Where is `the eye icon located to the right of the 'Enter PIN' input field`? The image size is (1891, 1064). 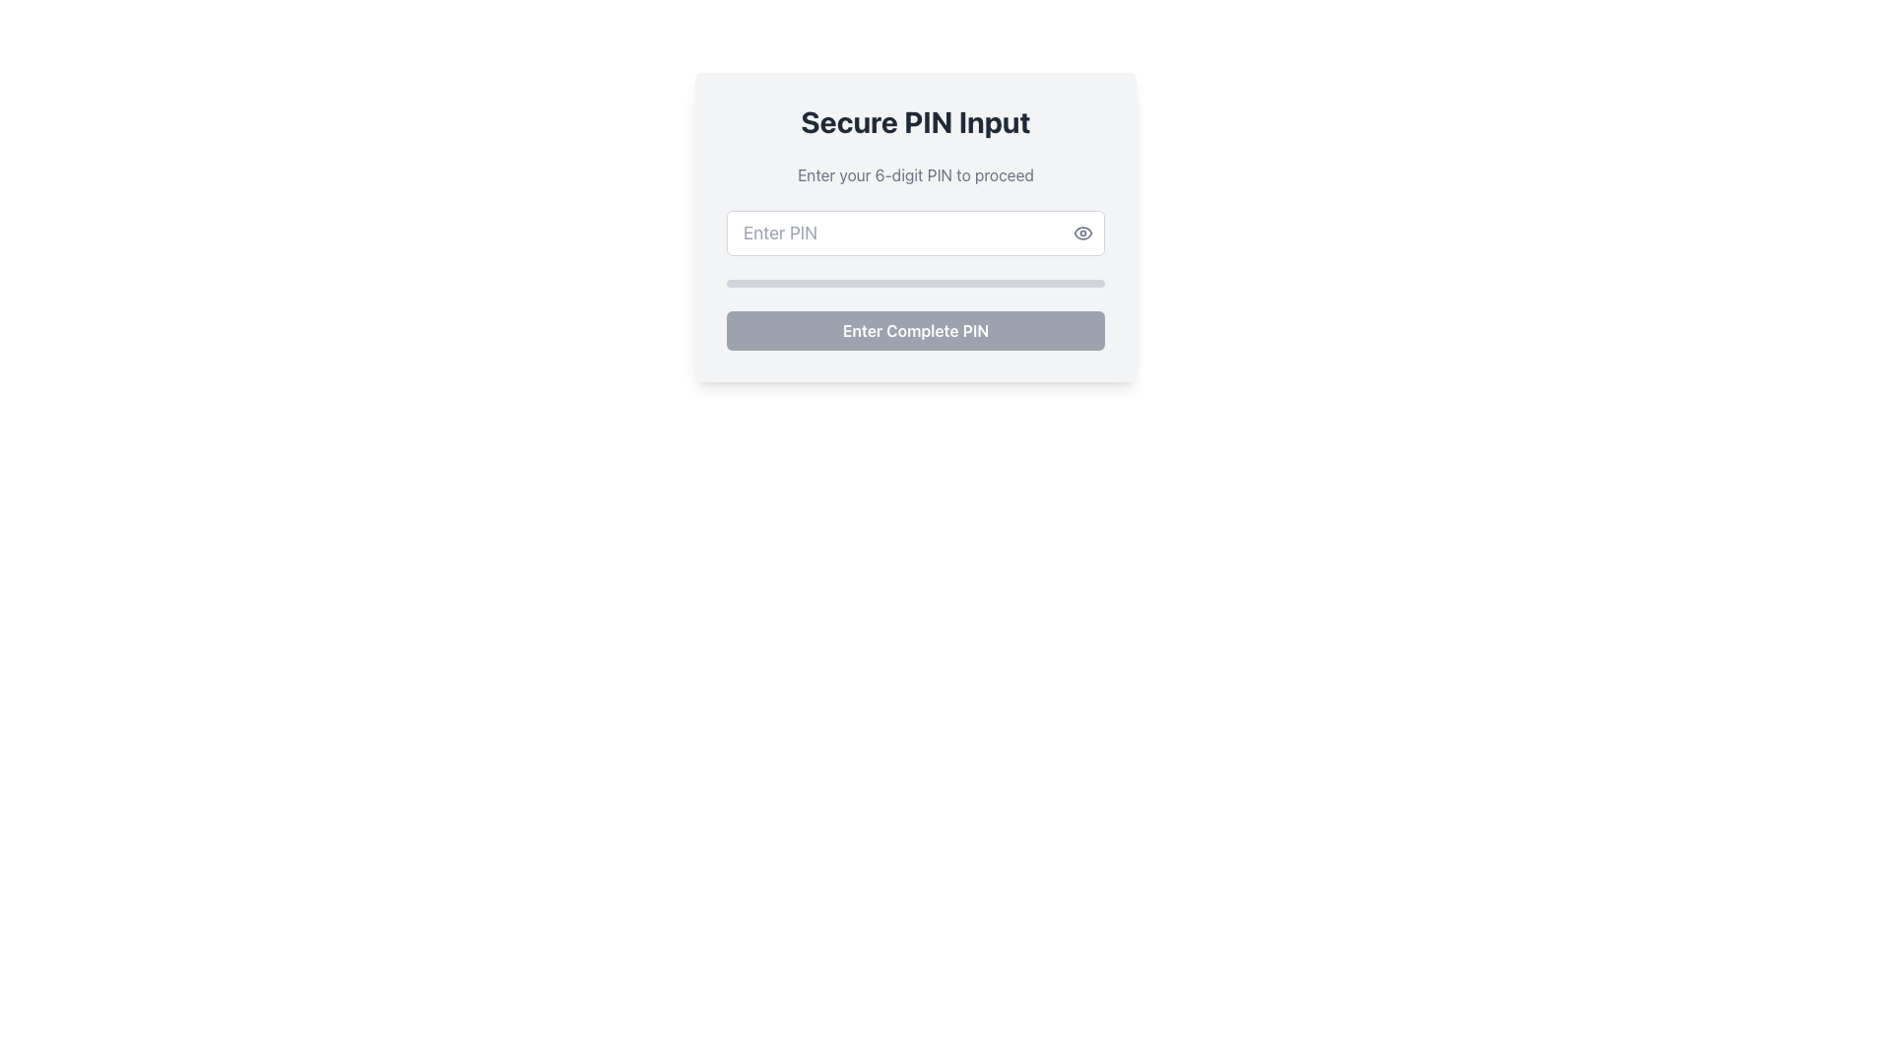
the eye icon located to the right of the 'Enter PIN' input field is located at coordinates (1081, 232).